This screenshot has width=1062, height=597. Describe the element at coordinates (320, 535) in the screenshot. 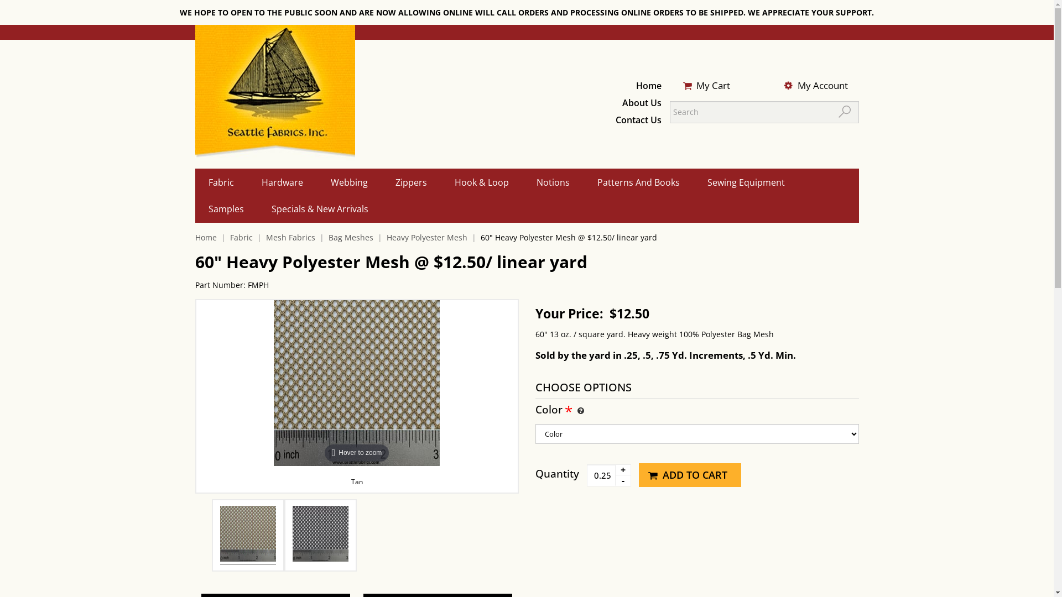

I see `'Black'` at that location.